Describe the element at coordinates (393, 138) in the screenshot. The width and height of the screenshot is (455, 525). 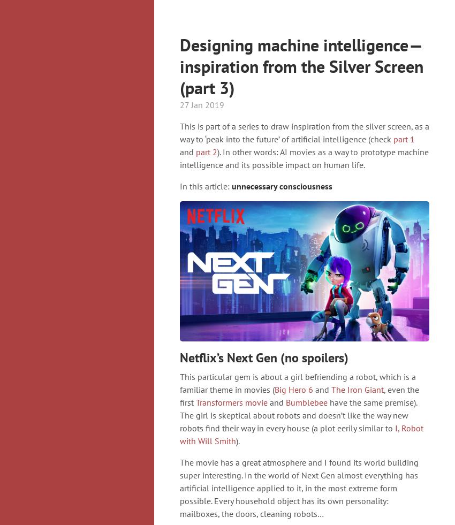
I see `'part 1'` at that location.